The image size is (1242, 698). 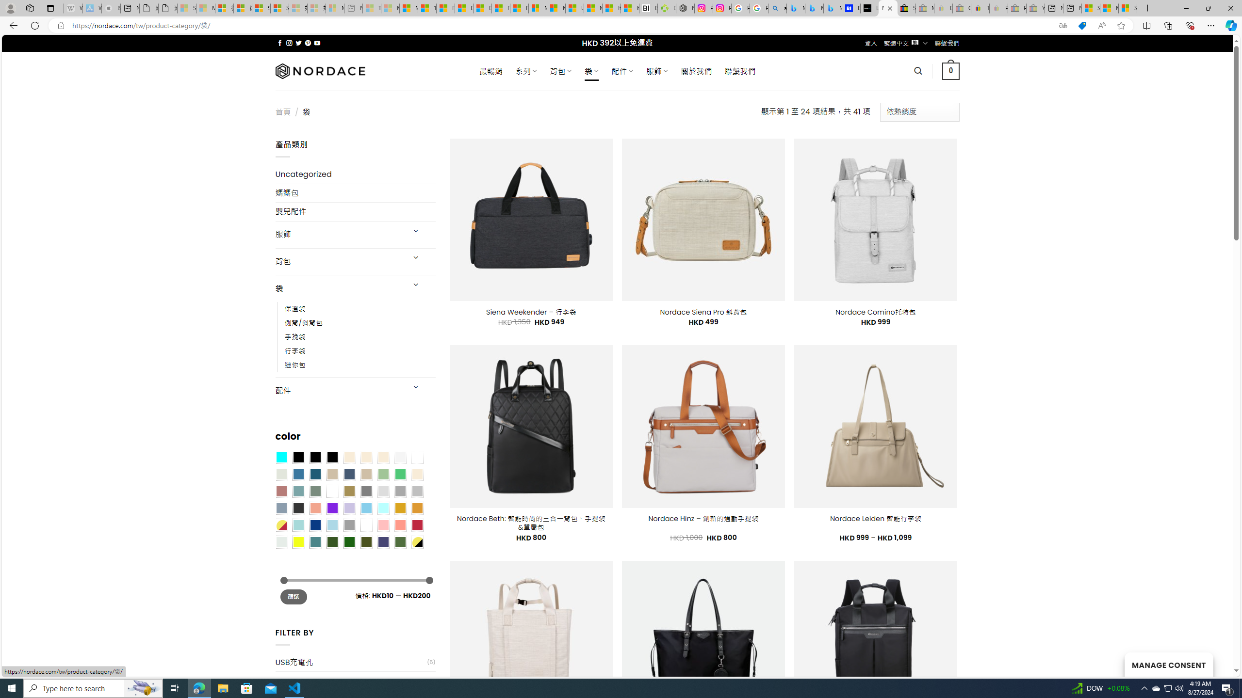 What do you see at coordinates (833, 8) in the screenshot?
I see `'Microsoft Bing Travel - Shangri-La Hotel Bangkok'` at bounding box center [833, 8].